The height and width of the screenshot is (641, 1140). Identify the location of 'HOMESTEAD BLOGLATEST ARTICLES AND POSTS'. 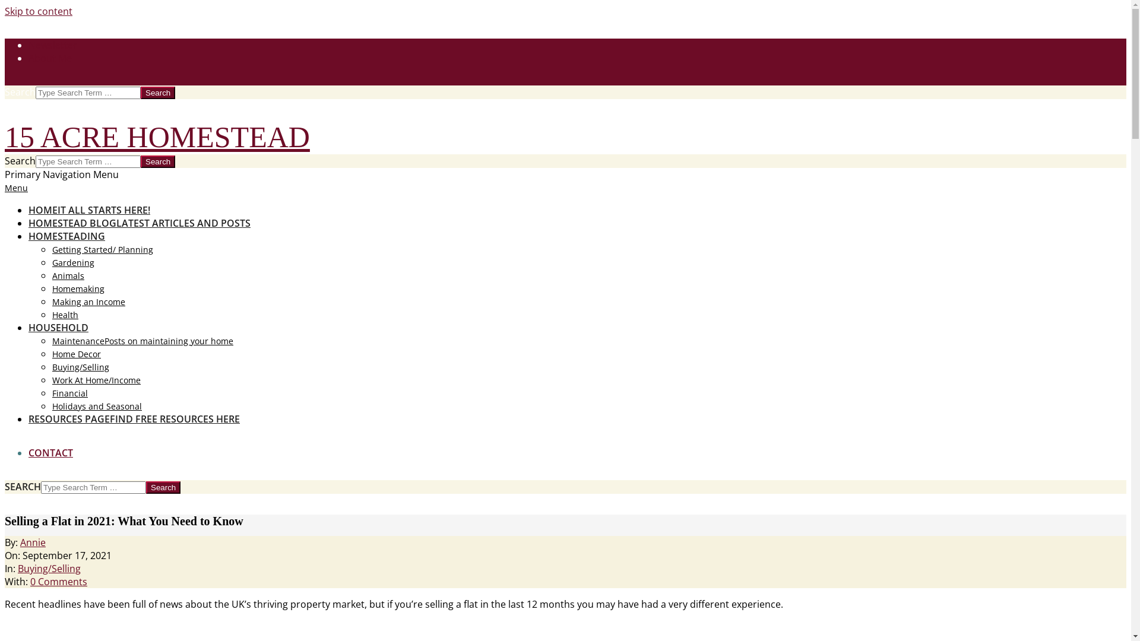
(140, 223).